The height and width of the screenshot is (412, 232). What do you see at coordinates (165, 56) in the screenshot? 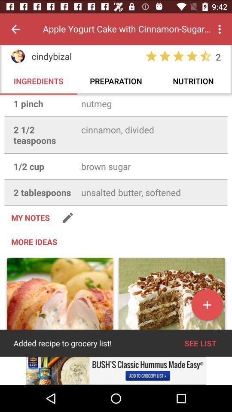
I see `the second star under ratings` at bounding box center [165, 56].